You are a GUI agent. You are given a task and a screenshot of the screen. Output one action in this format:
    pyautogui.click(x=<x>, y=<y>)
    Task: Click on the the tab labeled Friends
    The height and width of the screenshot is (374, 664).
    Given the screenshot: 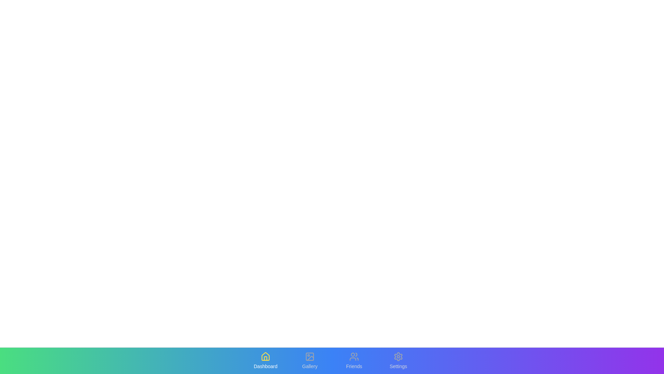 What is the action you would take?
    pyautogui.click(x=354, y=360)
    